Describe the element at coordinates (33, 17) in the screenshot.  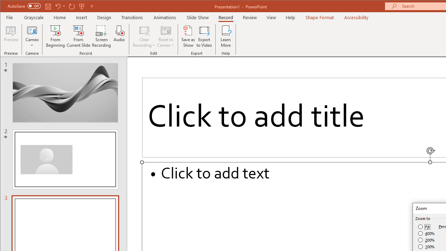
I see `'Grayscale'` at that location.